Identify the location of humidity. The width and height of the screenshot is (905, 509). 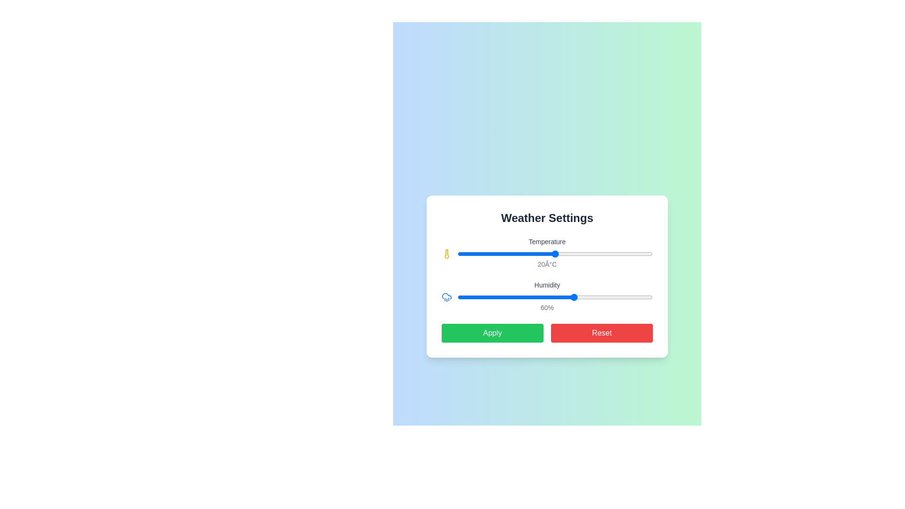
(619, 297).